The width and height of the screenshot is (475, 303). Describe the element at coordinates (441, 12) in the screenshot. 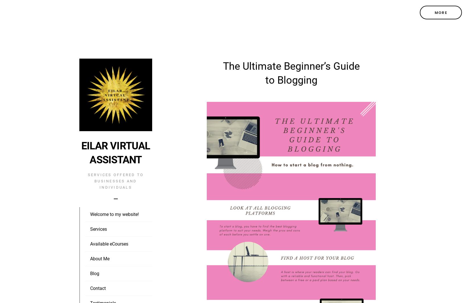

I see `'More'` at that location.